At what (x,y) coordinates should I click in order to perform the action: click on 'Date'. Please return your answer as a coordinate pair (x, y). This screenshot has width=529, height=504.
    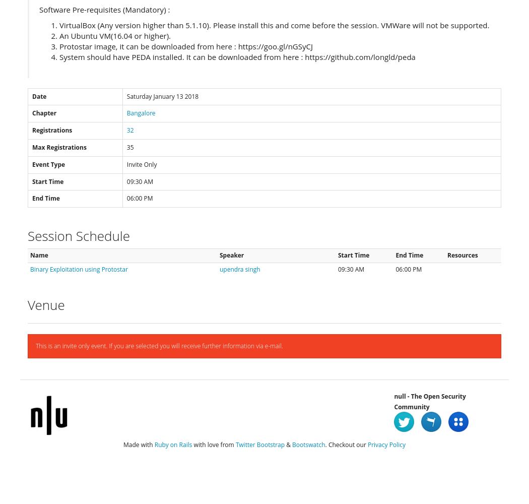
    Looking at the image, I should click on (32, 95).